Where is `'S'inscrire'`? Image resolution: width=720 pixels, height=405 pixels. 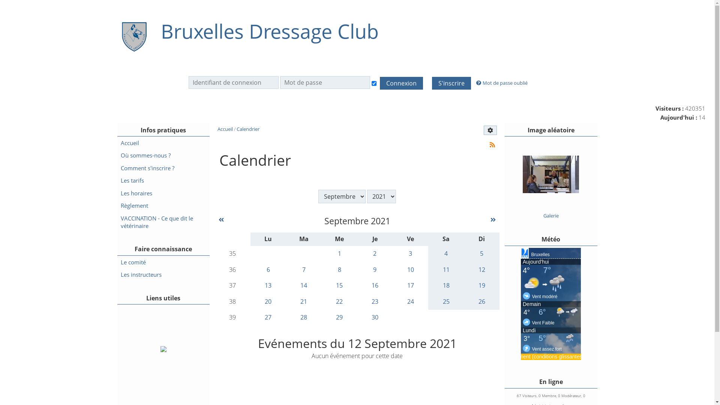
'S'inscrire' is located at coordinates (451, 83).